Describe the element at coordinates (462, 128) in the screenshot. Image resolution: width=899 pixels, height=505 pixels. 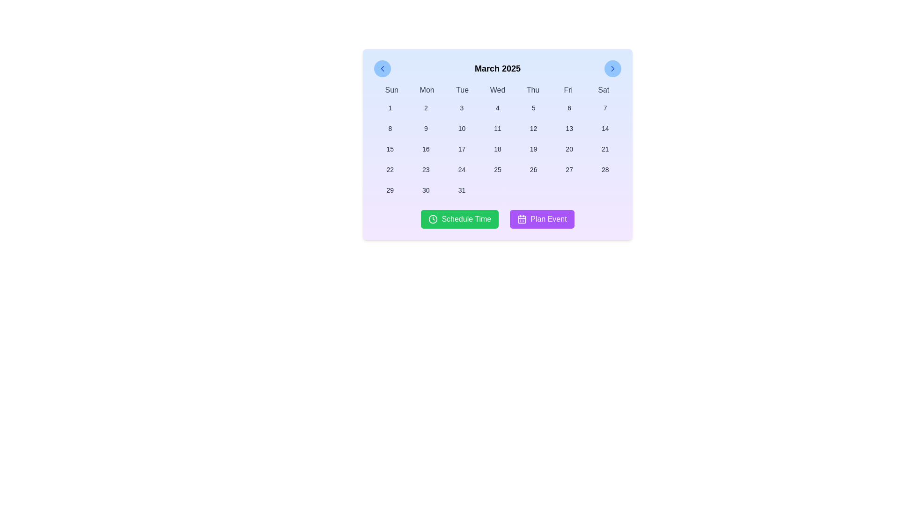
I see `the button displaying the number '10' in the calendar grid` at that location.